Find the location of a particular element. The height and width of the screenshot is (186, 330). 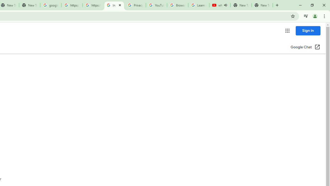

'Google Chat (Open in a new window)' is located at coordinates (305, 47).